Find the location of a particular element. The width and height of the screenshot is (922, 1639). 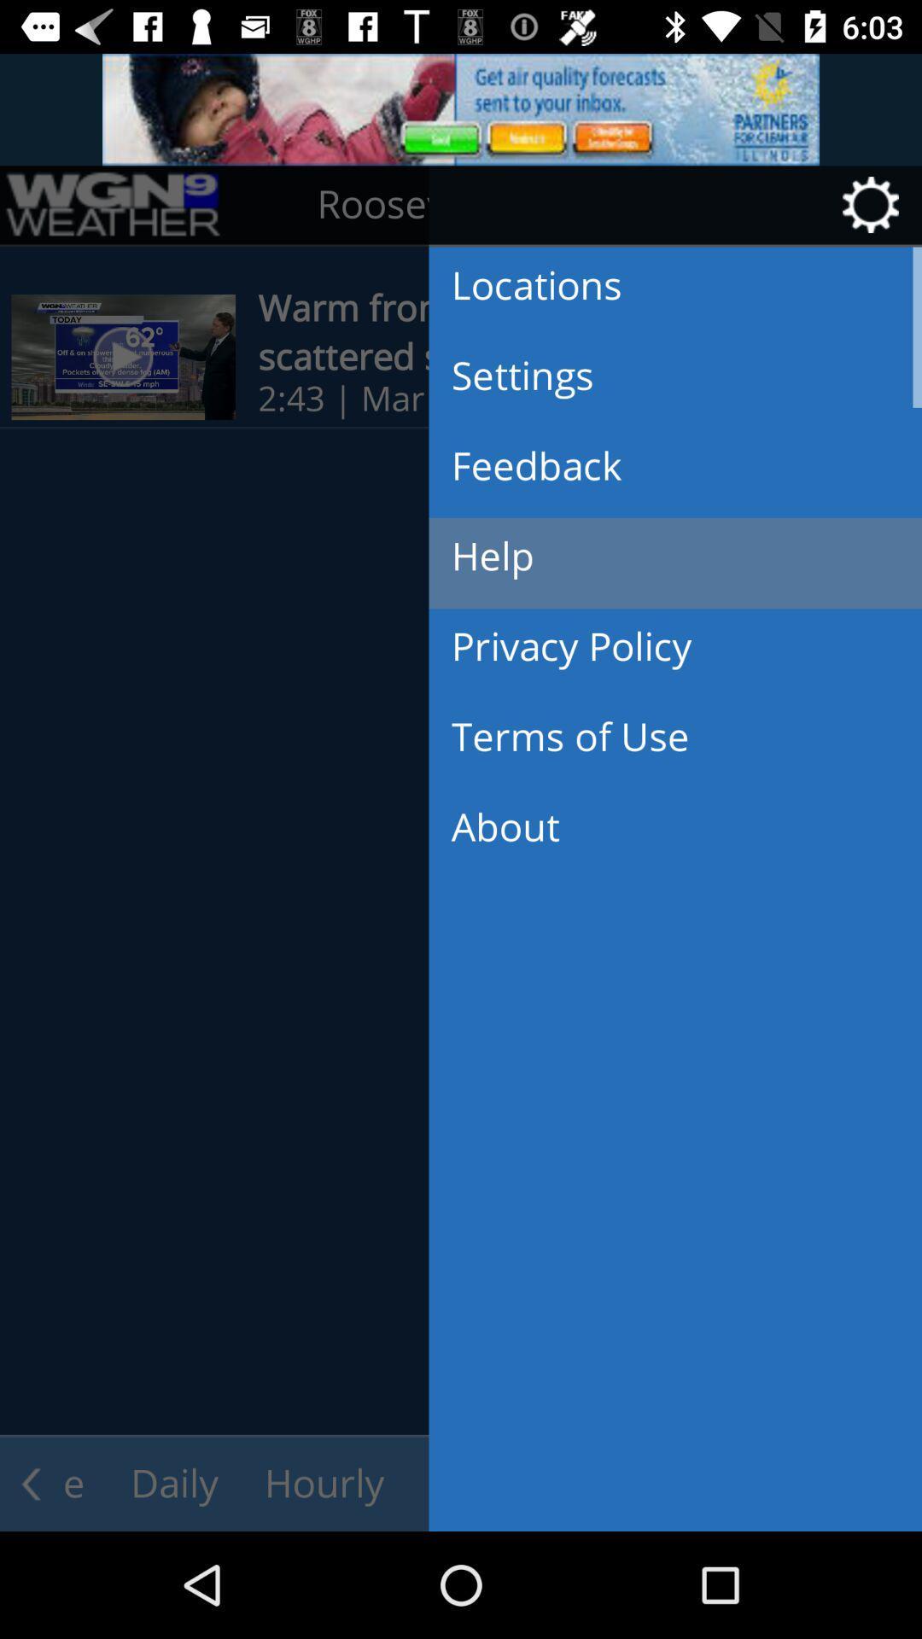

the arrow_backward icon is located at coordinates (31, 1483).